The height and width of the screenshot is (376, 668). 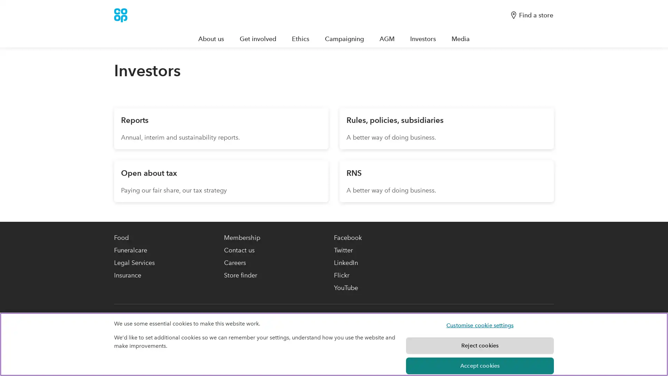 I want to click on Reject cookies, so click(x=479, y=345).